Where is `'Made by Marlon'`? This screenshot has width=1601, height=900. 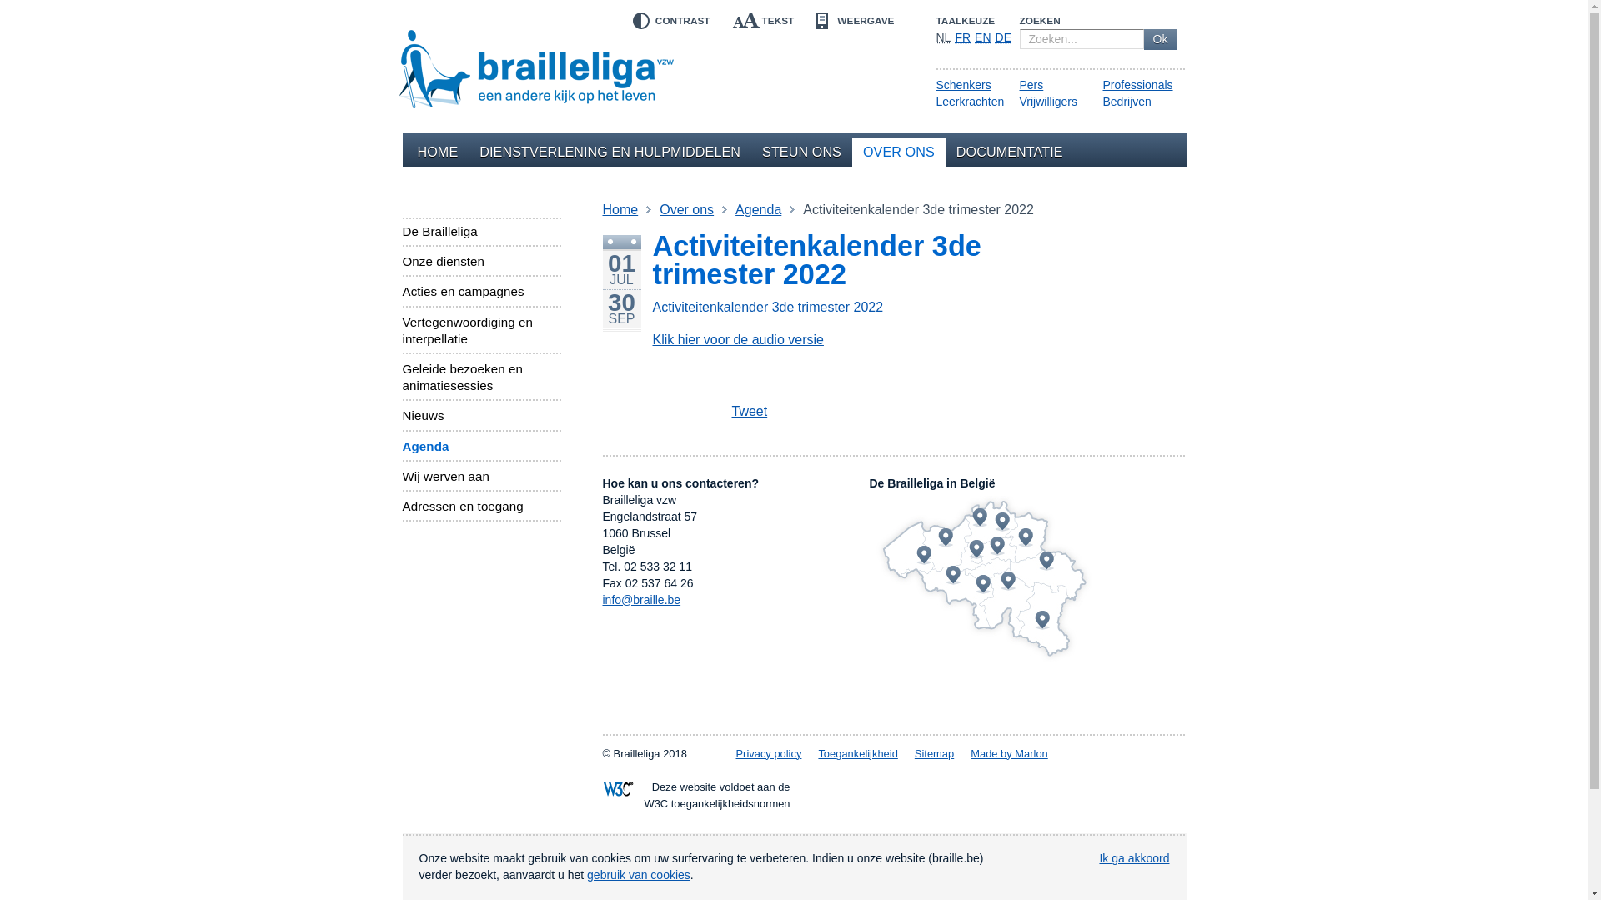 'Made by Marlon' is located at coordinates (1008, 753).